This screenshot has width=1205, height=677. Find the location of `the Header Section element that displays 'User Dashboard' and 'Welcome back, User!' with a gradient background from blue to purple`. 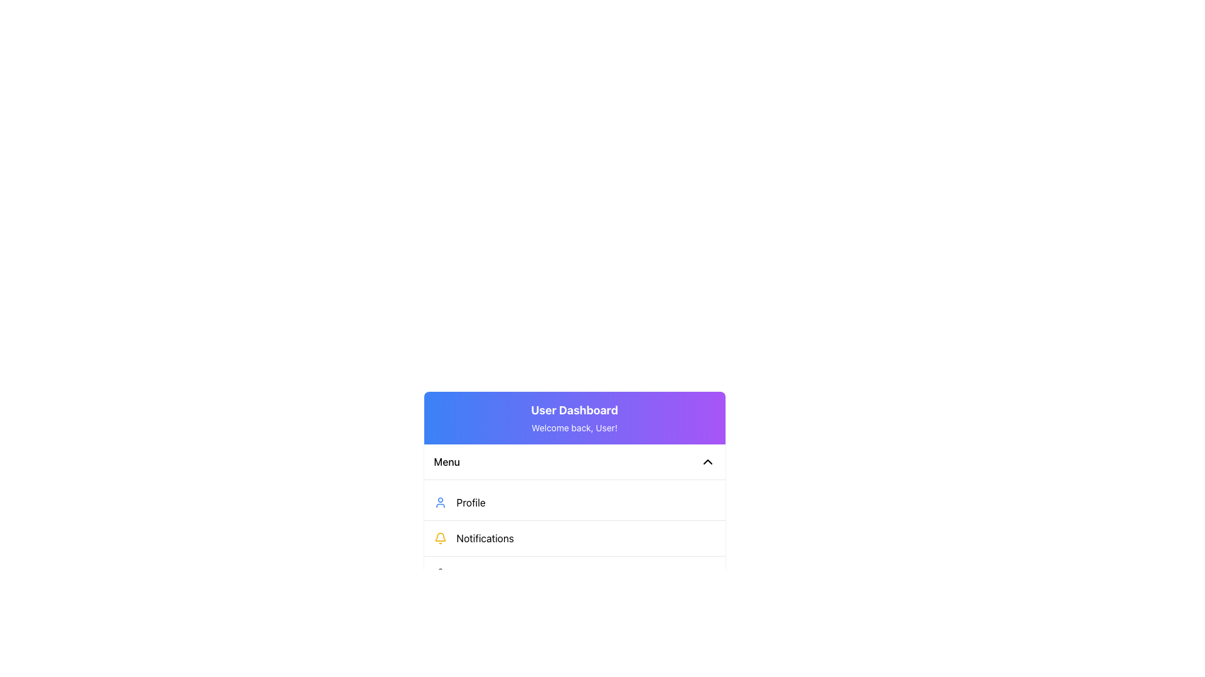

the Header Section element that displays 'User Dashboard' and 'Welcome back, User!' with a gradient background from blue to purple is located at coordinates (574, 418).